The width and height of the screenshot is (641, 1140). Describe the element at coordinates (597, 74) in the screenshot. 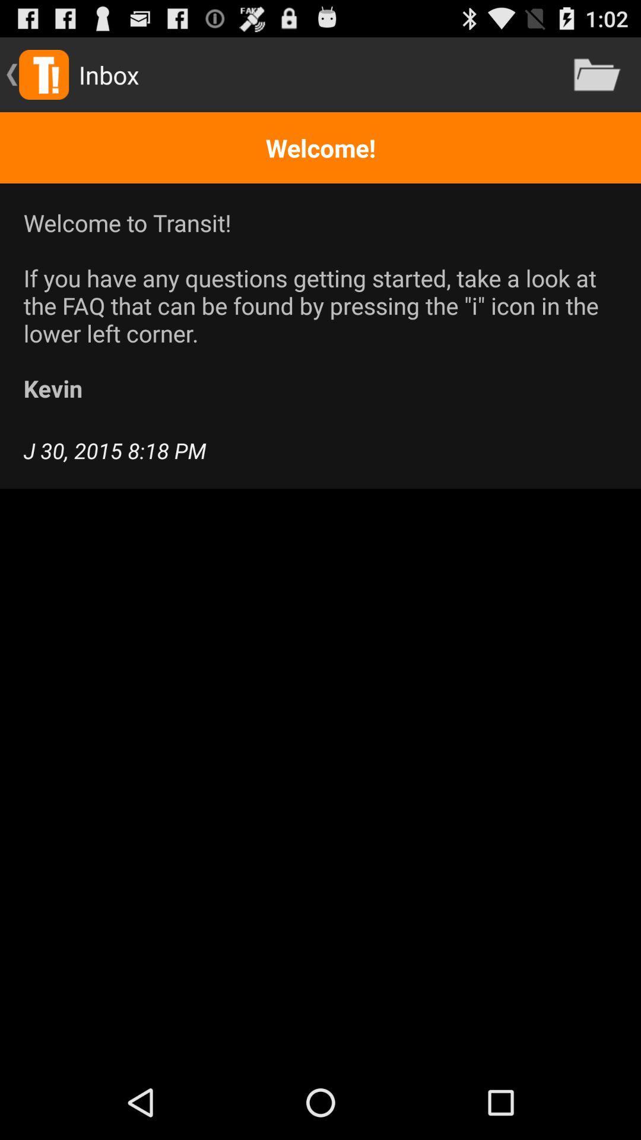

I see `the icon at the top right corner` at that location.